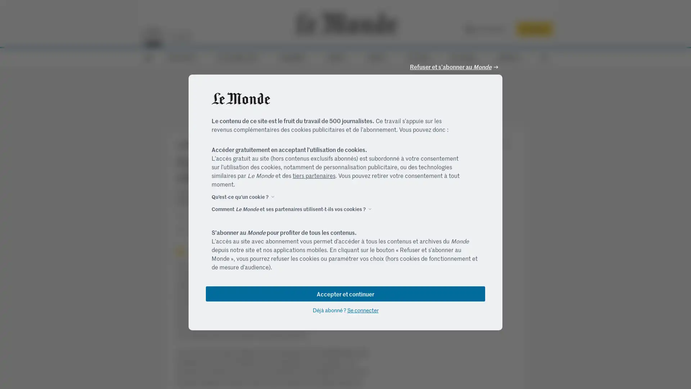 The width and height of the screenshot is (691, 389). Describe the element at coordinates (544, 57) in the screenshot. I see `RECHERCHE` at that location.